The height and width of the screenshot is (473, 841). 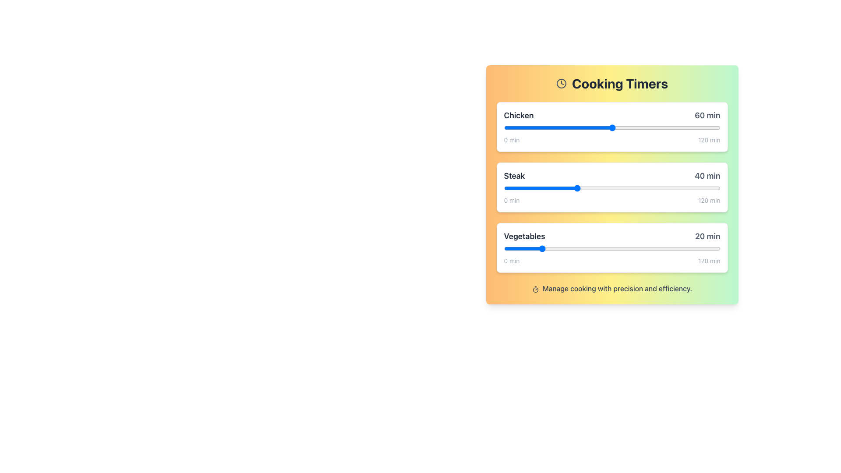 I want to click on cooking time for steak, so click(x=686, y=187).